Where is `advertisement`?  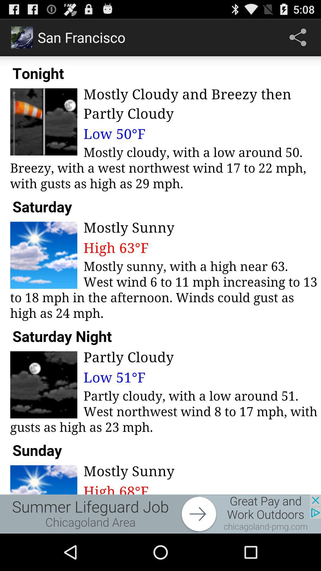
advertisement is located at coordinates (160, 514).